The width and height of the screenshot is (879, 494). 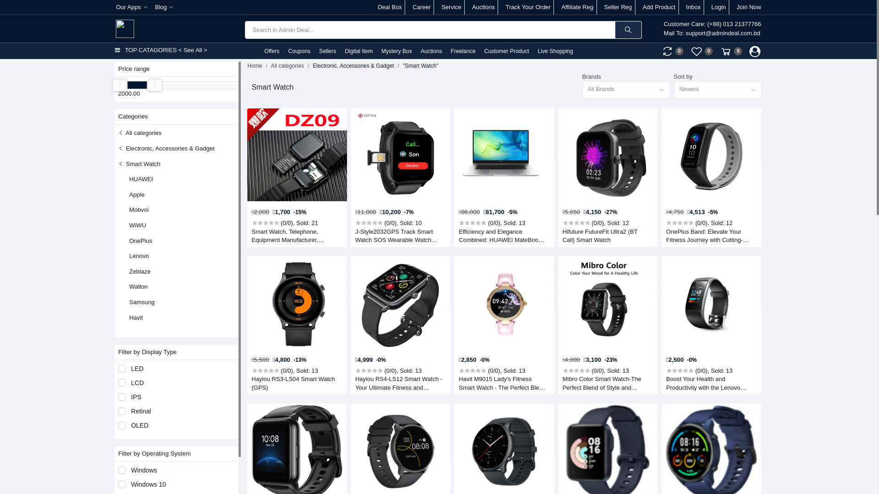 I want to click on 'Deal Box', so click(x=390, y=7).